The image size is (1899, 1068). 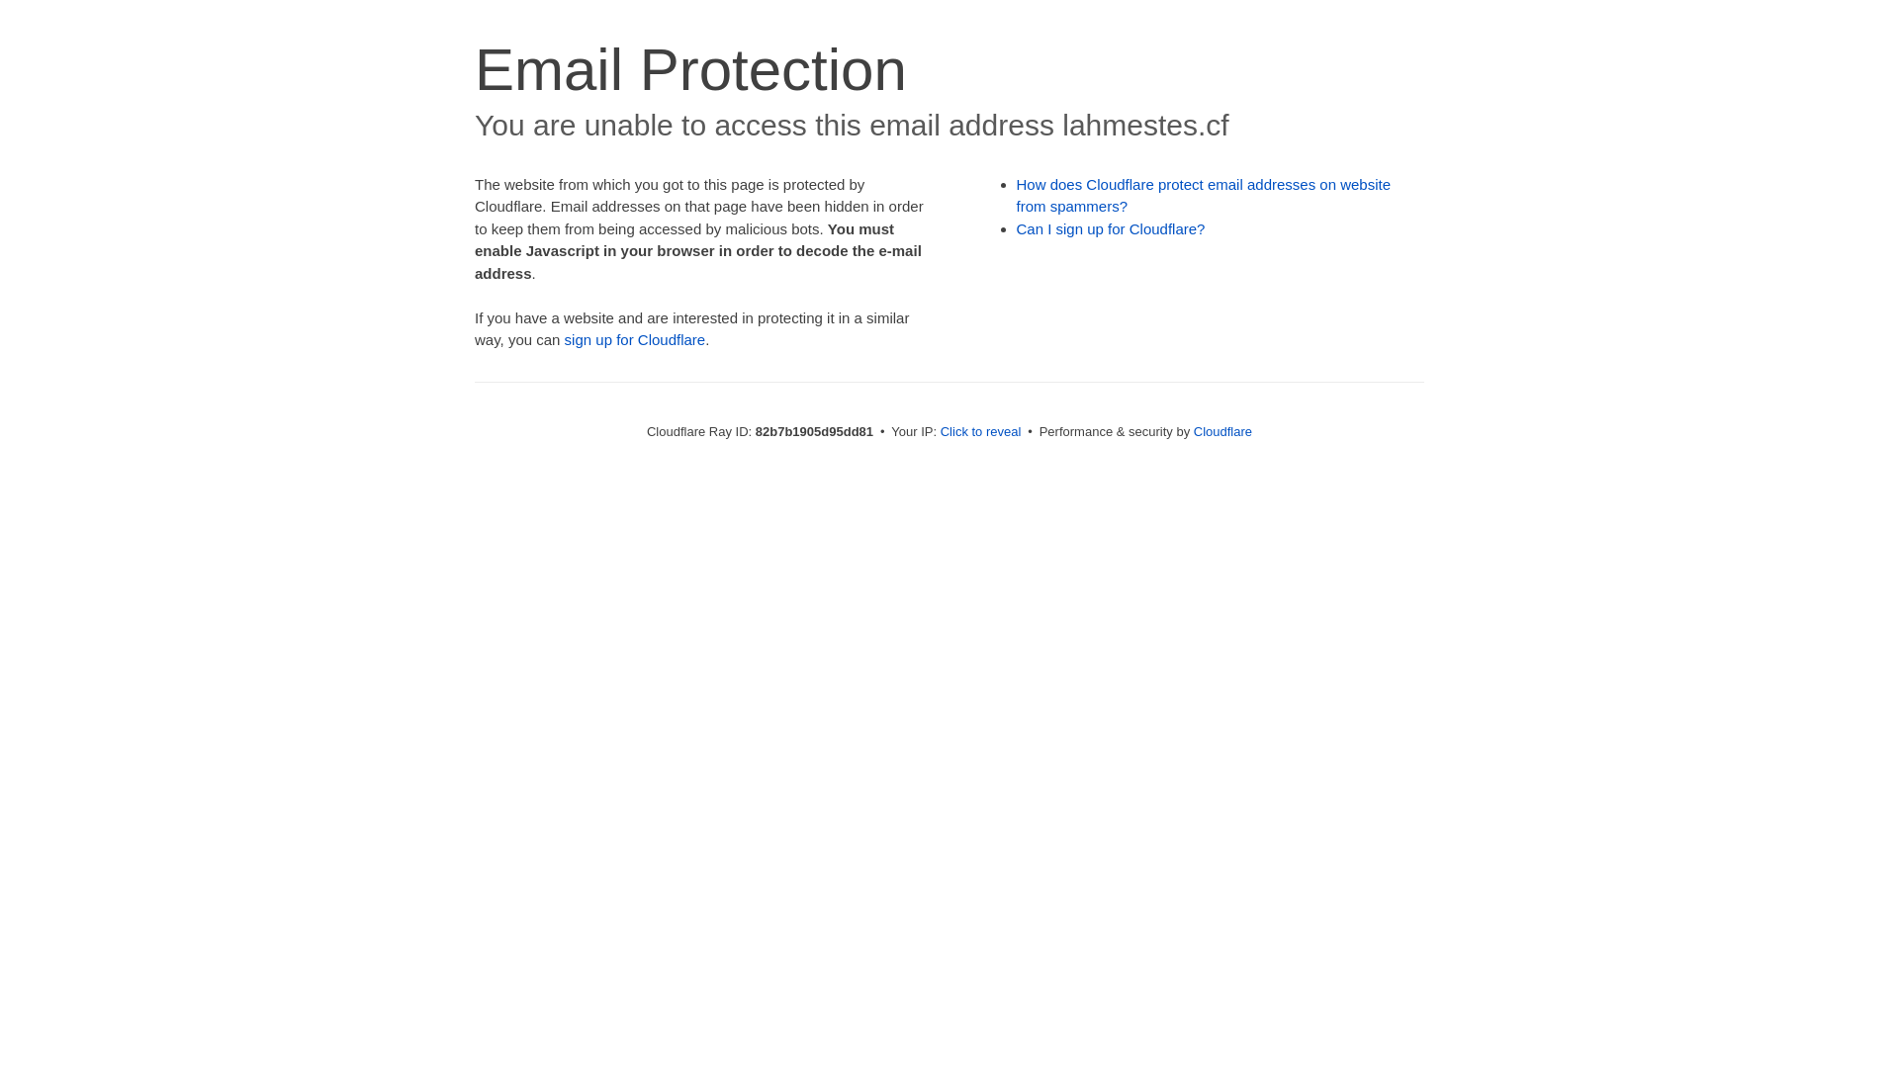 I want to click on 'Click to reveal', so click(x=981, y=430).